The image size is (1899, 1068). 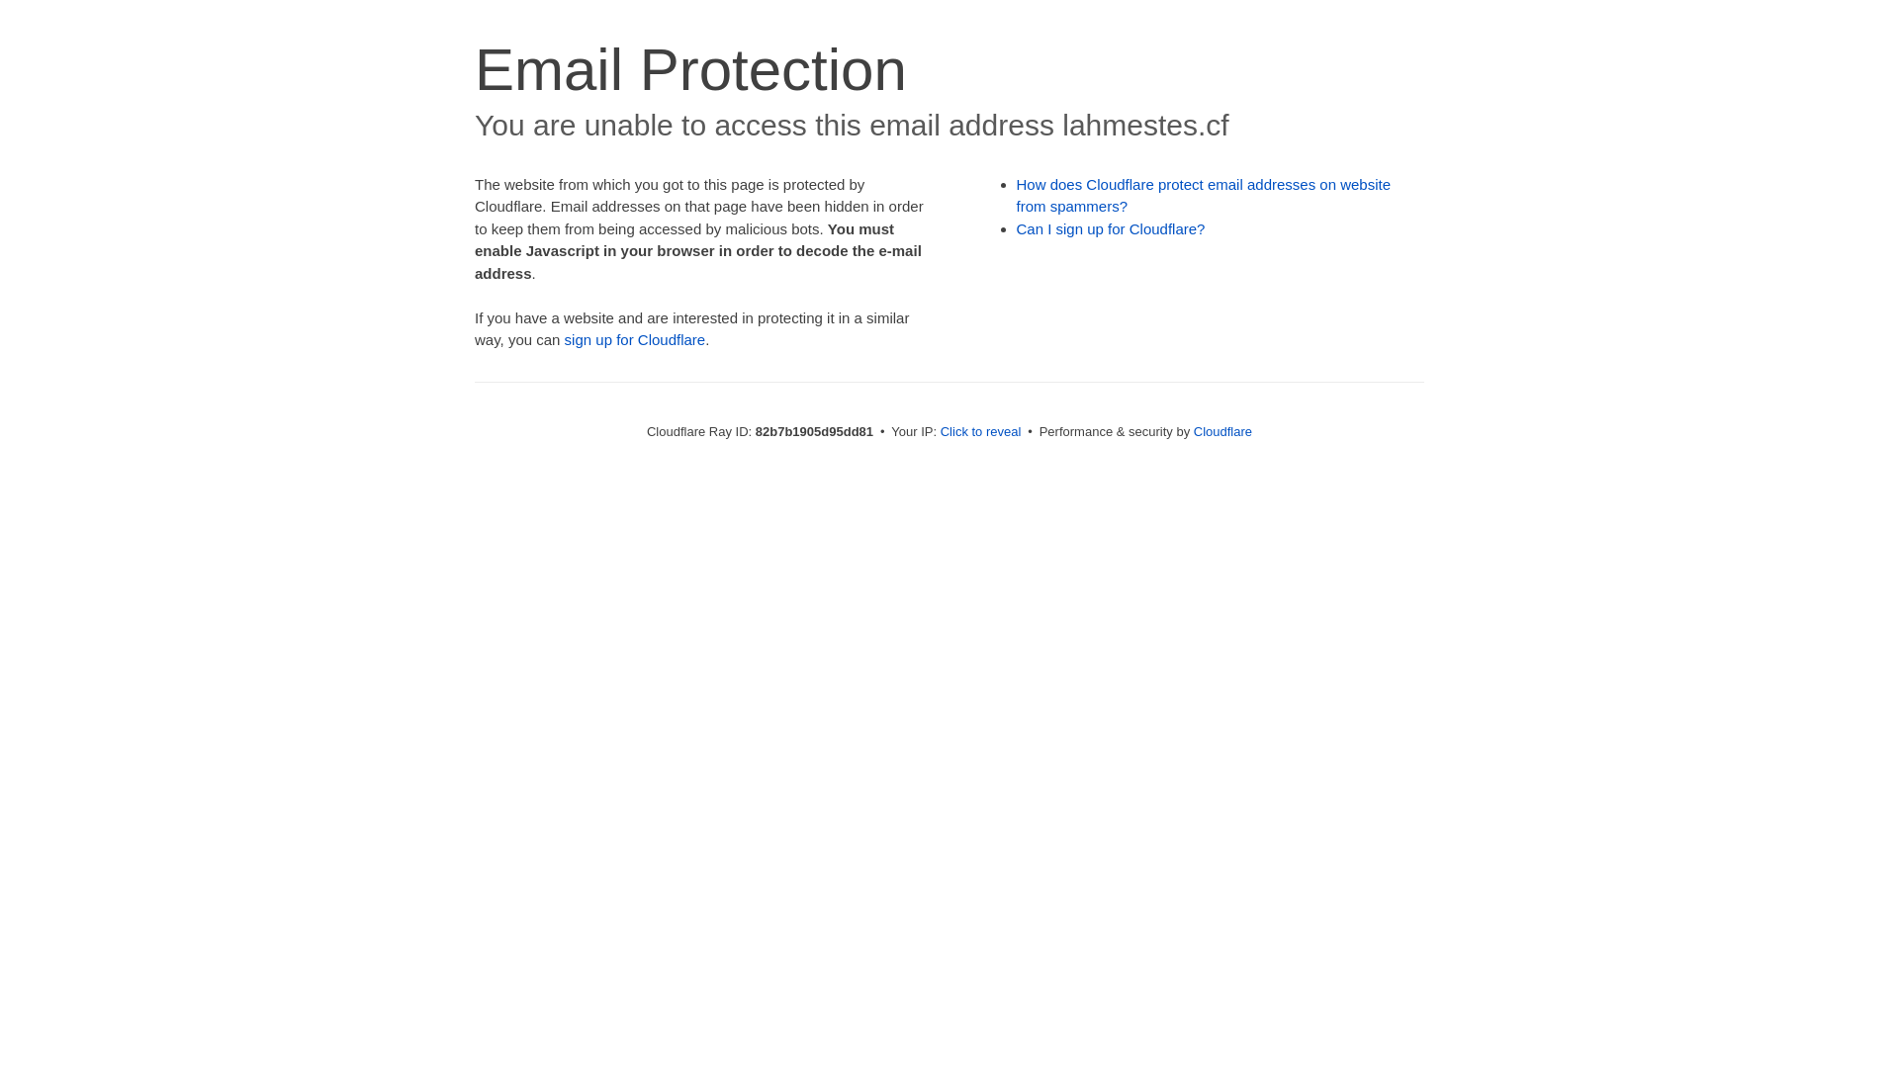 I want to click on 'Click to reveal', so click(x=981, y=430).